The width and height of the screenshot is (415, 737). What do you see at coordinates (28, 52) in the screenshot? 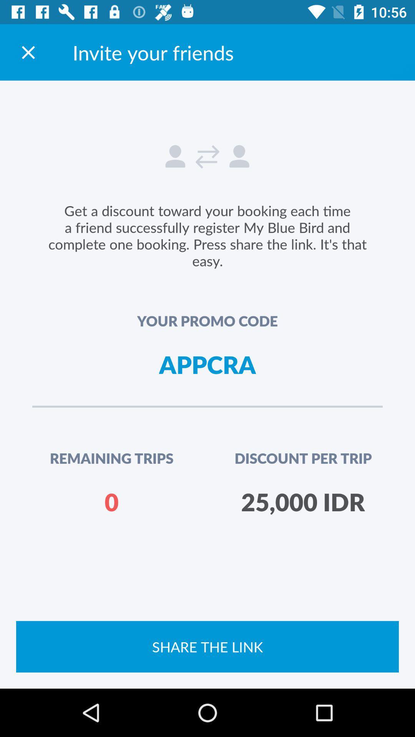
I see `the tab` at bounding box center [28, 52].